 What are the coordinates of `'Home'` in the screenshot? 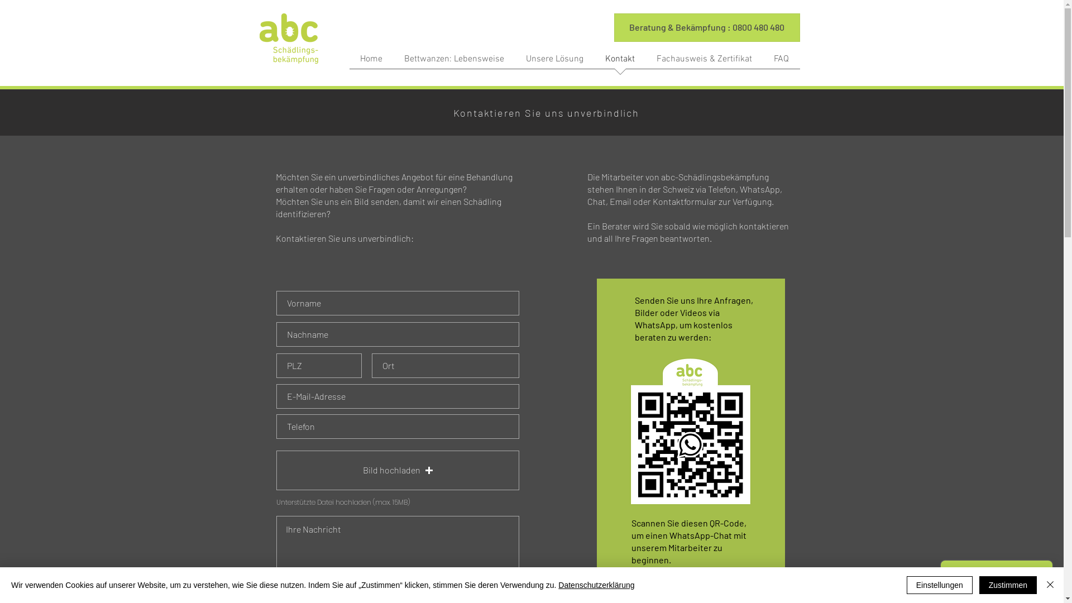 It's located at (371, 63).